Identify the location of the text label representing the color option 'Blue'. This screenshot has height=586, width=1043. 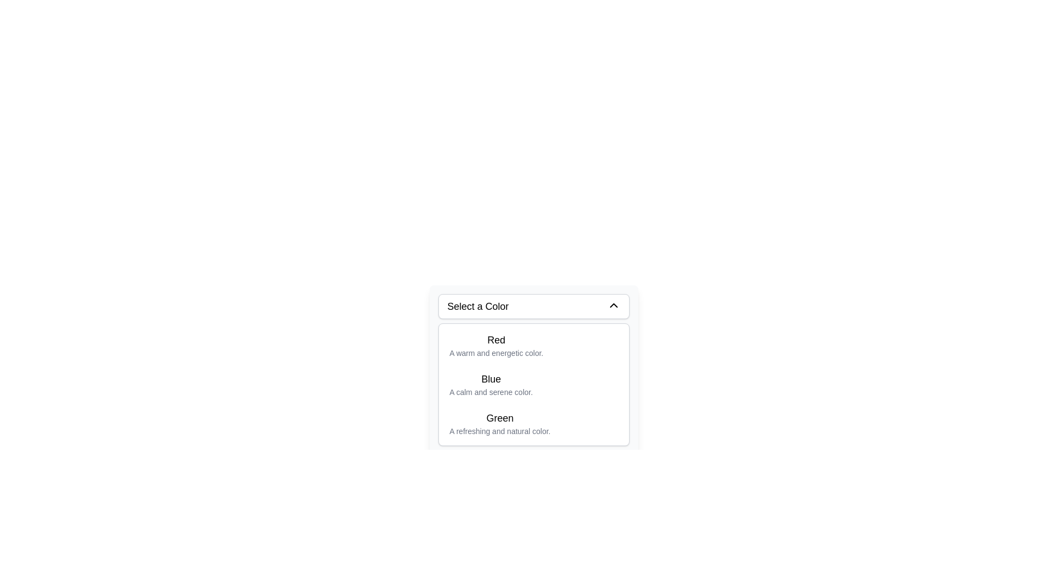
(490, 378).